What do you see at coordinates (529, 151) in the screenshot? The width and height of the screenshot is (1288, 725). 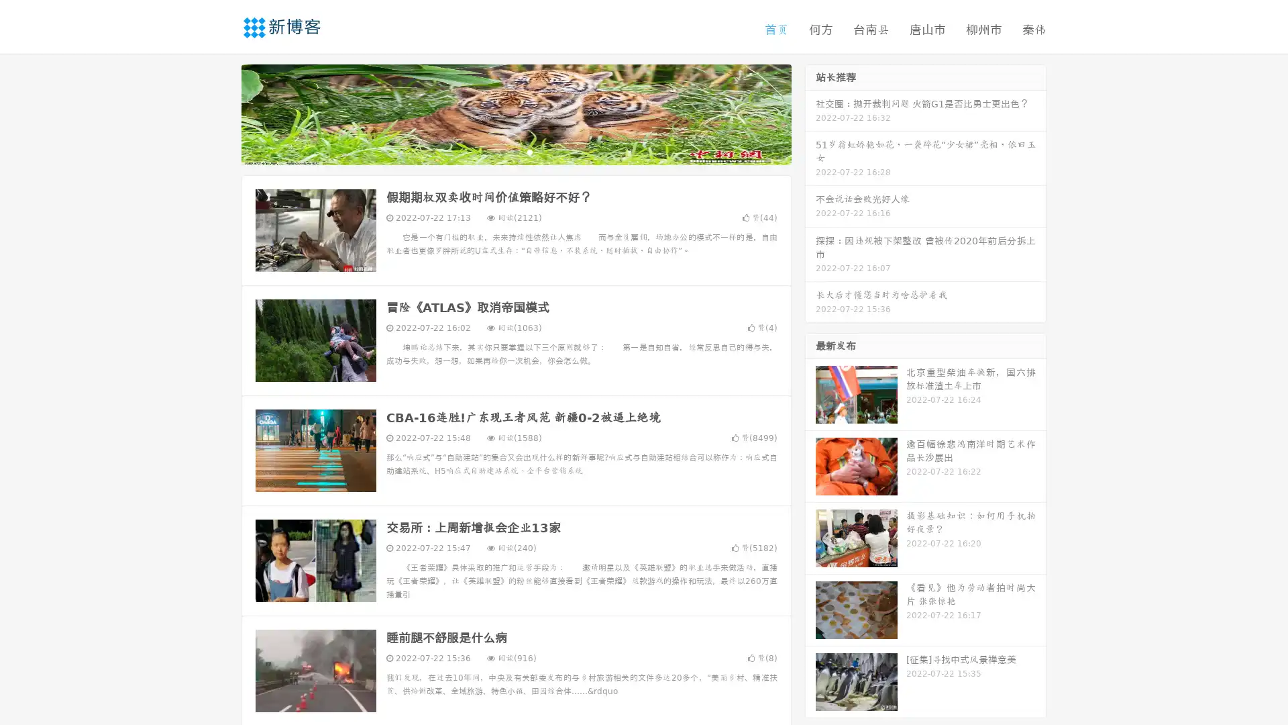 I see `Go to slide 3` at bounding box center [529, 151].